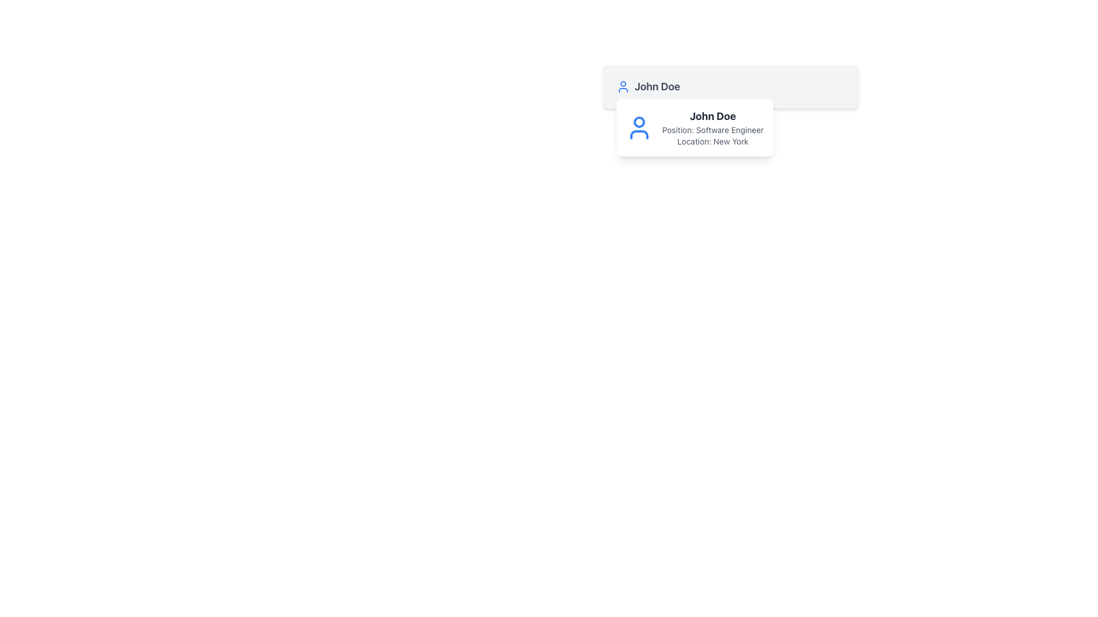 The height and width of the screenshot is (617, 1098). I want to click on the static text label displaying the job title of John Doe, located within the profile card, positioned below the name and above the location text, so click(712, 129).